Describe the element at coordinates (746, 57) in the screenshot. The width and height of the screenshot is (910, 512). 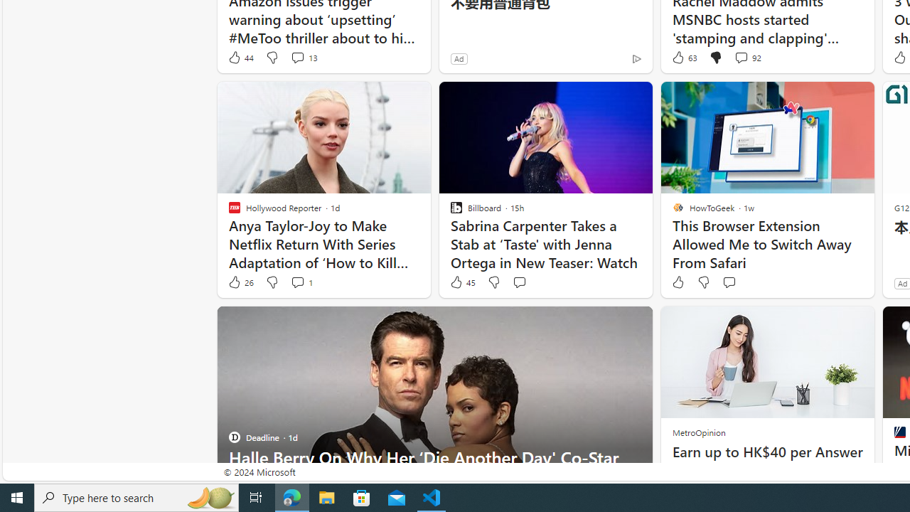
I see `'View comments 92 Comment'` at that location.